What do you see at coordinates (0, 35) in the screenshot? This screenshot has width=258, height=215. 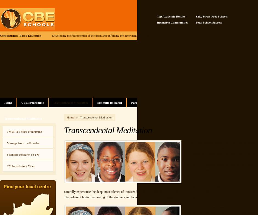 I see `'Consciousness-Based Education'` at bounding box center [0, 35].